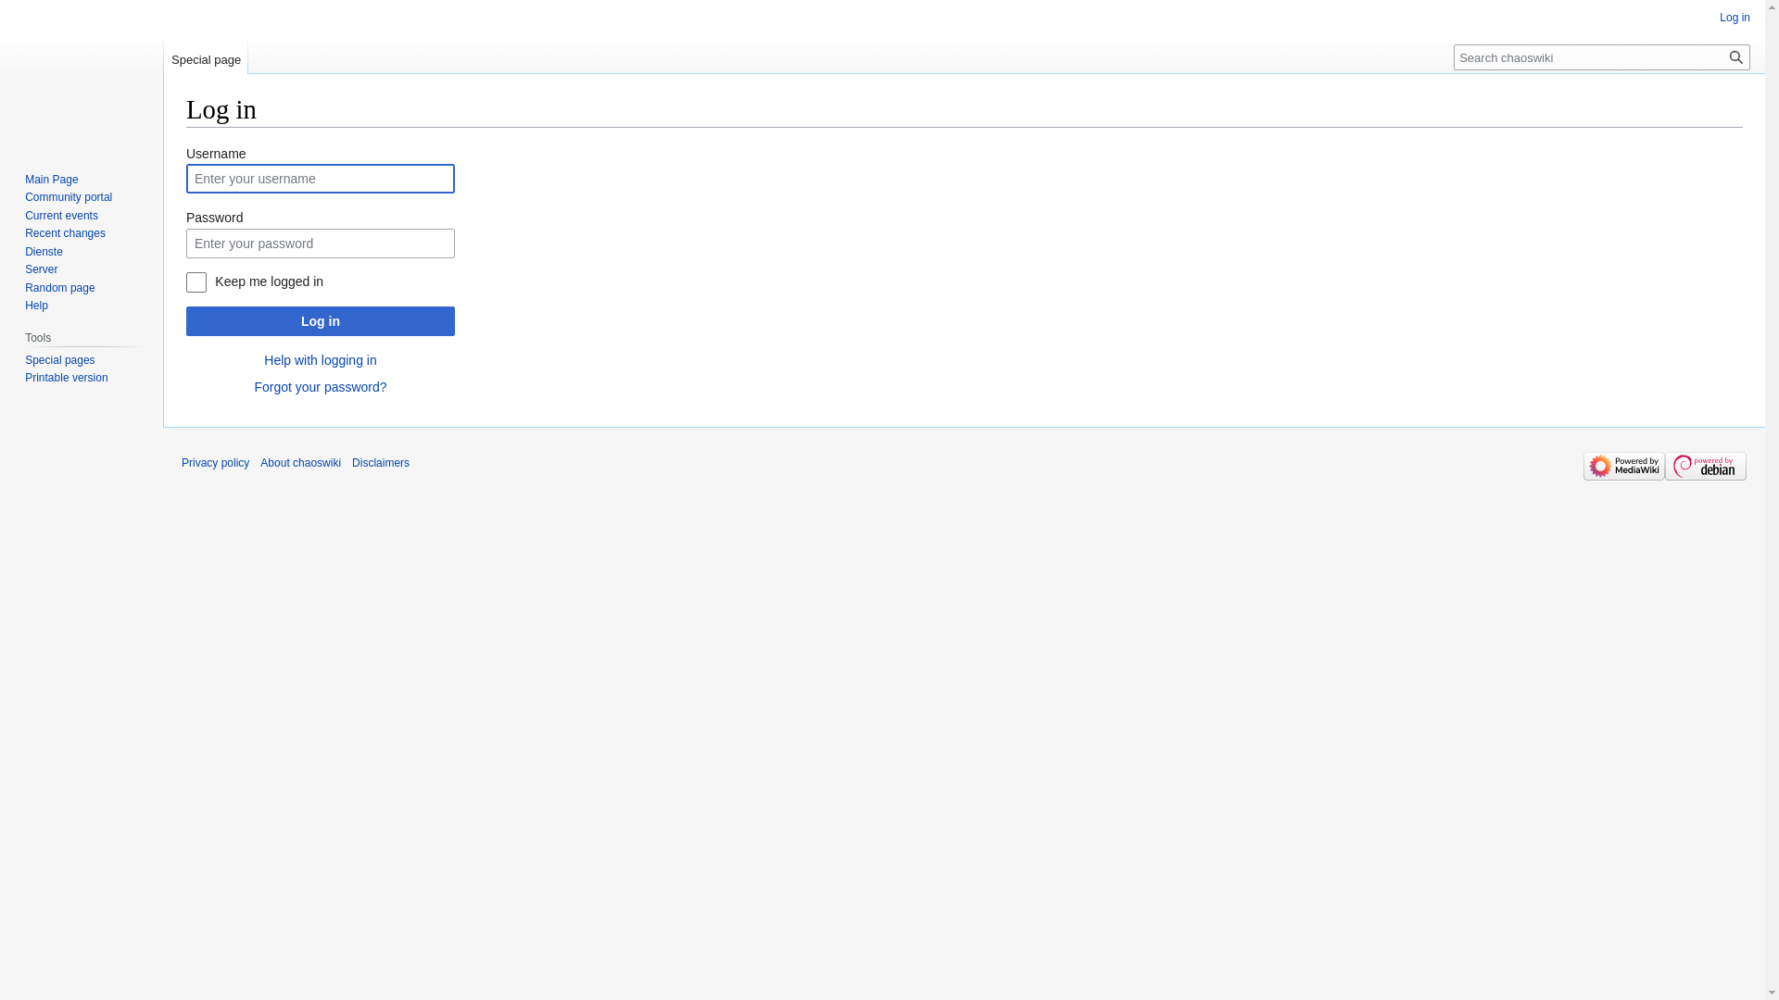 This screenshot has width=1779, height=1000. I want to click on 'Printable version', so click(66, 377).